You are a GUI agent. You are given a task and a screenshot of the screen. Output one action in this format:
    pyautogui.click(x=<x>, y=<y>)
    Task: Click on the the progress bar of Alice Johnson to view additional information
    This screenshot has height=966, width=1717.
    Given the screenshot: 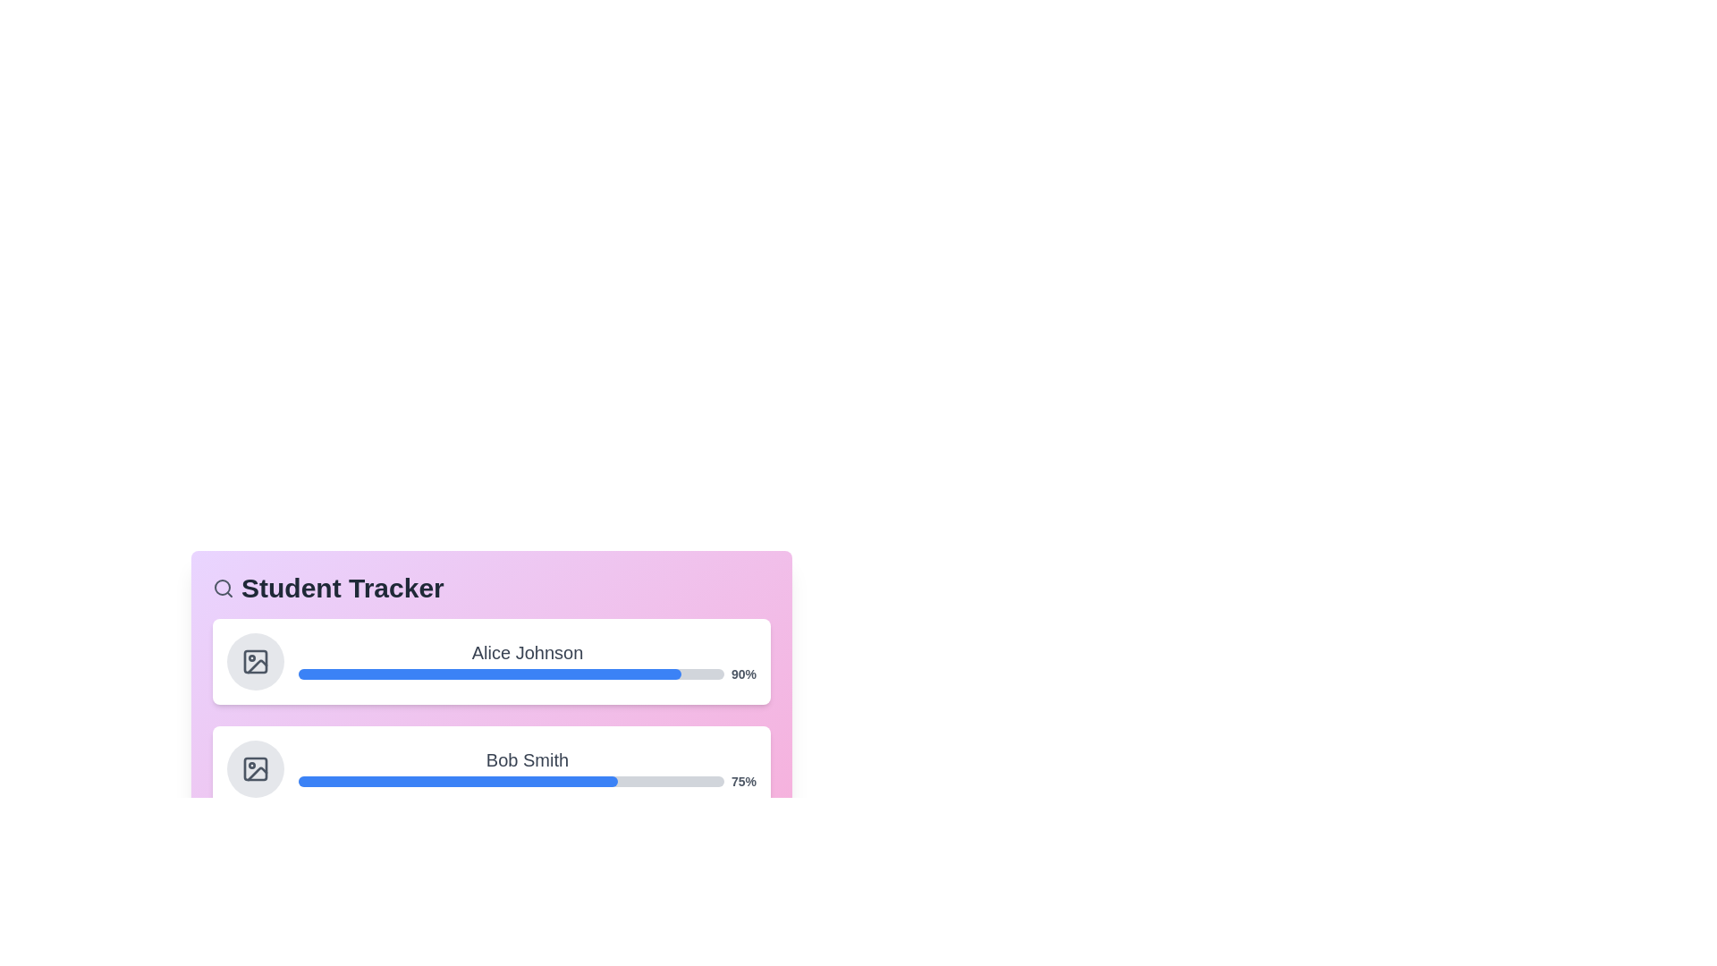 What is the action you would take?
    pyautogui.click(x=510, y=674)
    